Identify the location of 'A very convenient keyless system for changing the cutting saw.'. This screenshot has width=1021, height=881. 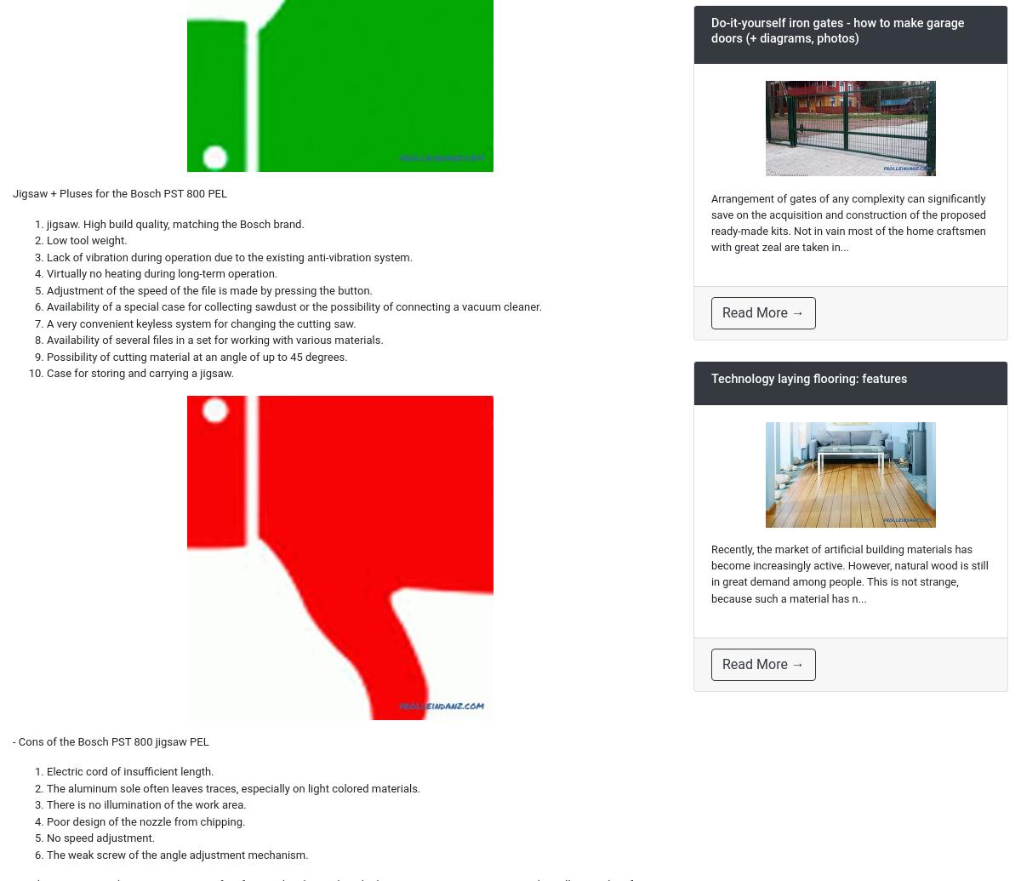
(46, 323).